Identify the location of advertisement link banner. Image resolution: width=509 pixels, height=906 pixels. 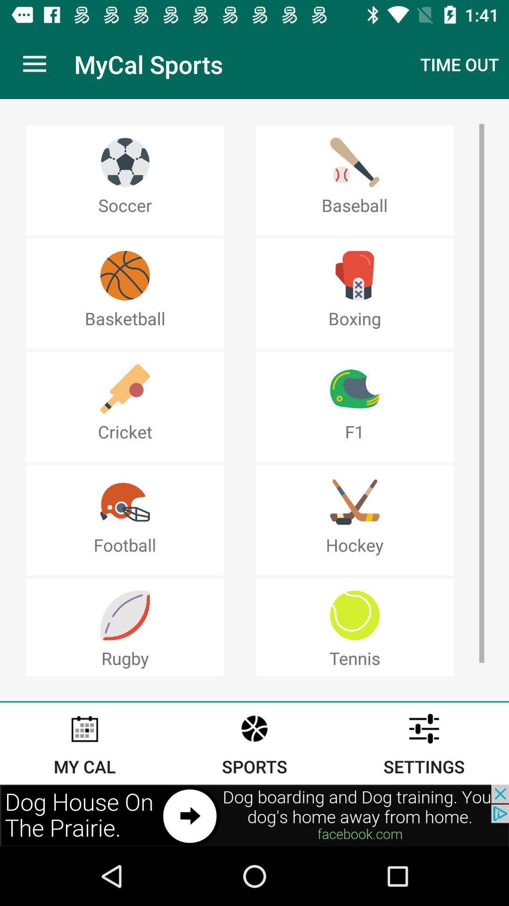
(254, 815).